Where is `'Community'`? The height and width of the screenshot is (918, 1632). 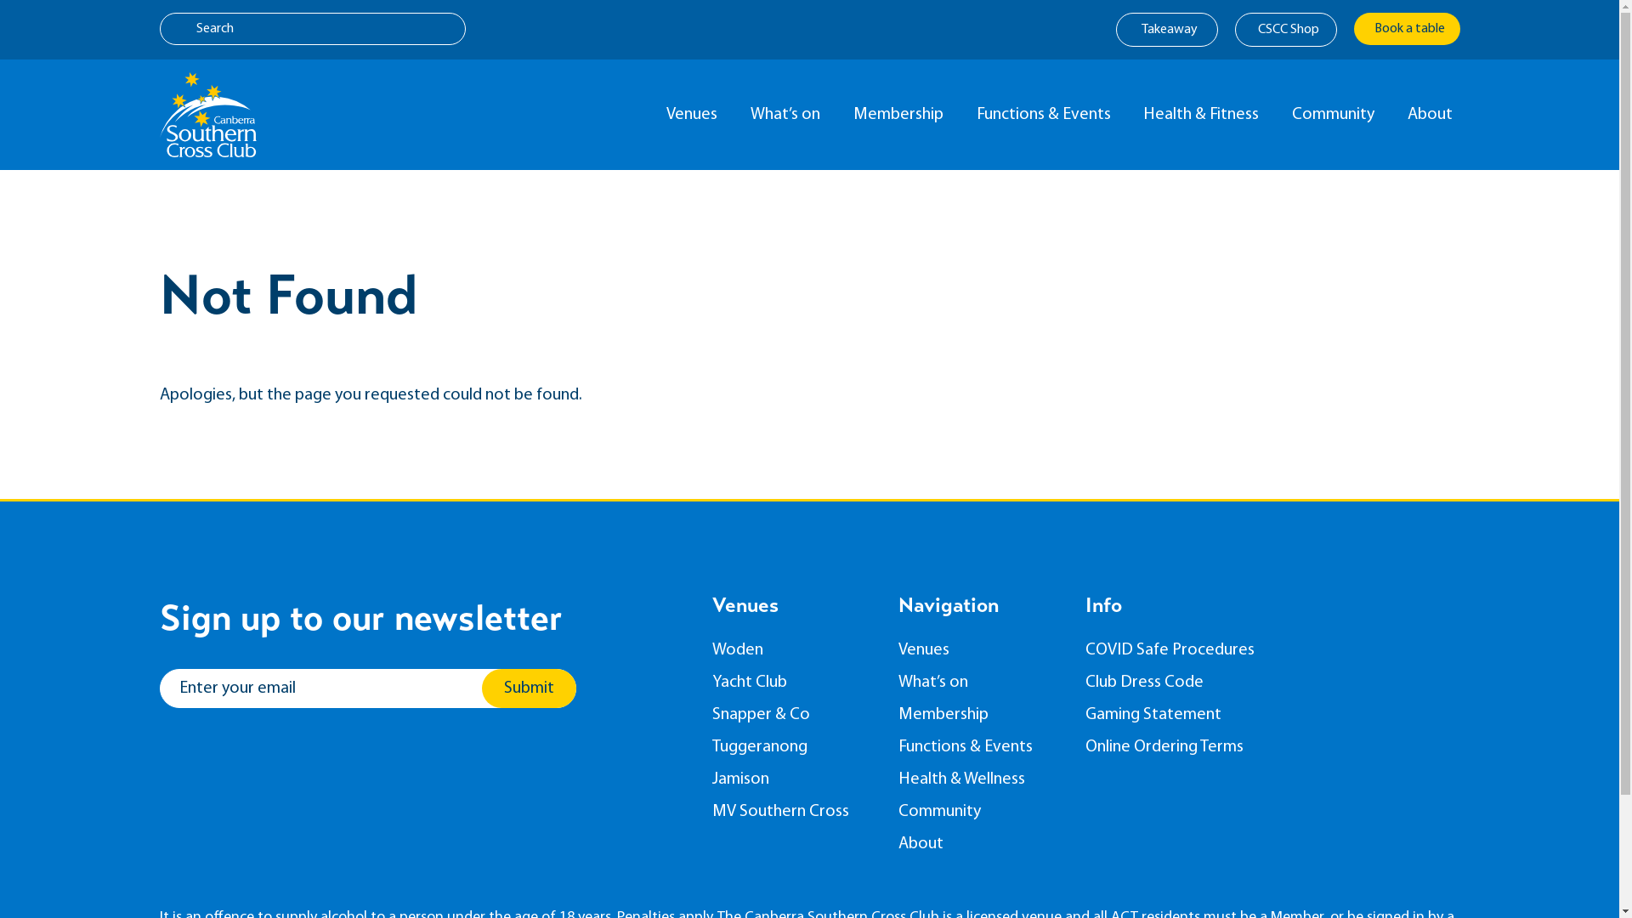
'Community' is located at coordinates (1336, 115).